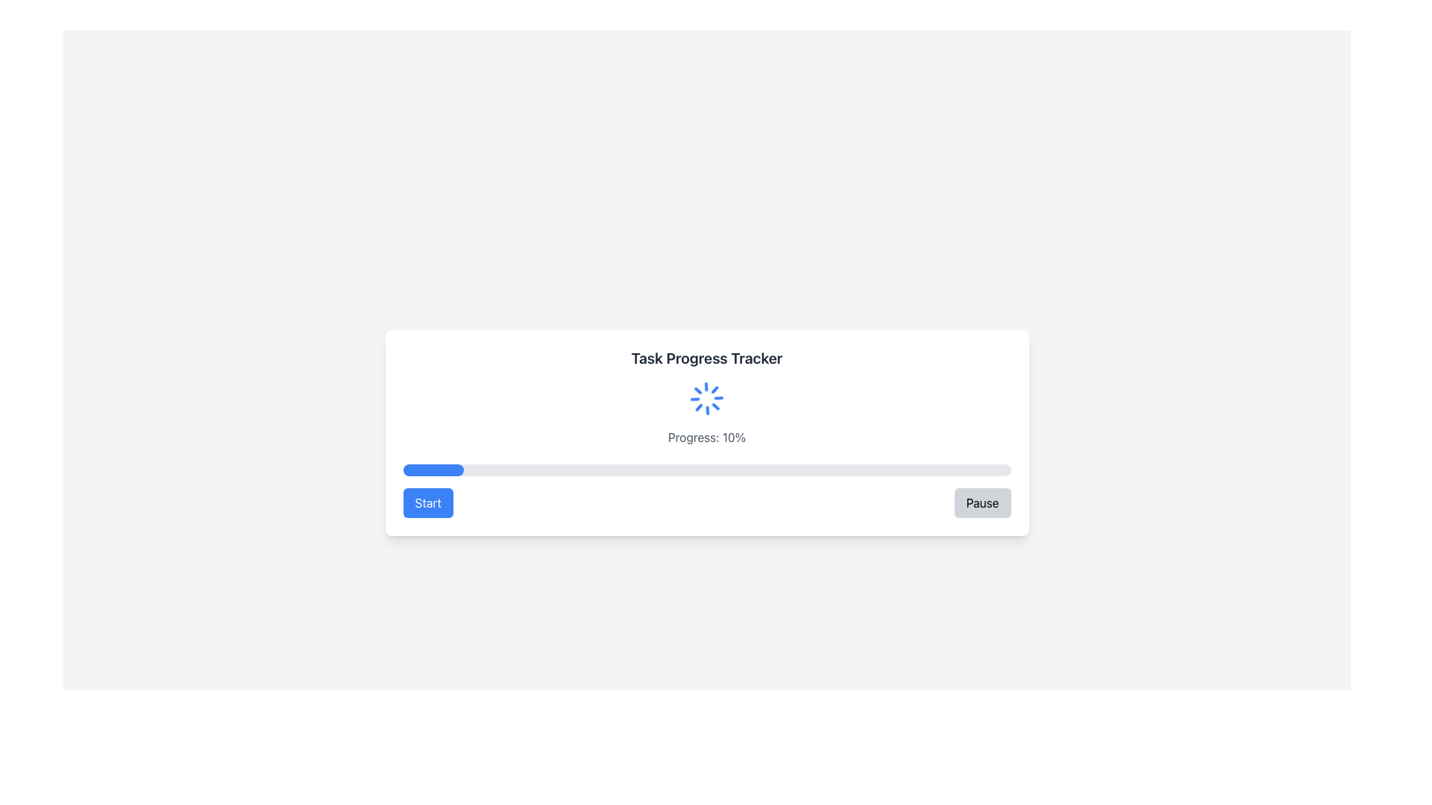 This screenshot has height=805, width=1432. Describe the element at coordinates (706, 470) in the screenshot. I see `the progress bar located below the text 'Progress: 10%' within the 'Task Progress Tracker' card, which visually represents the progress of a task` at that location.